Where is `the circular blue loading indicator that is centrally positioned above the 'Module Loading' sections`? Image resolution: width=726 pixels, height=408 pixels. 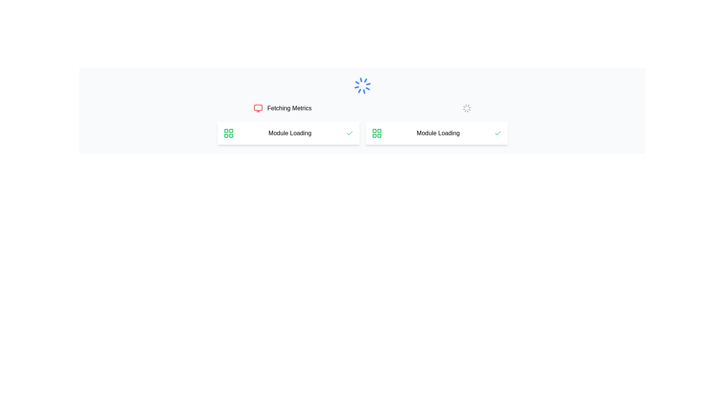
the circular blue loading indicator that is centrally positioned above the 'Module Loading' sections is located at coordinates (362, 85).